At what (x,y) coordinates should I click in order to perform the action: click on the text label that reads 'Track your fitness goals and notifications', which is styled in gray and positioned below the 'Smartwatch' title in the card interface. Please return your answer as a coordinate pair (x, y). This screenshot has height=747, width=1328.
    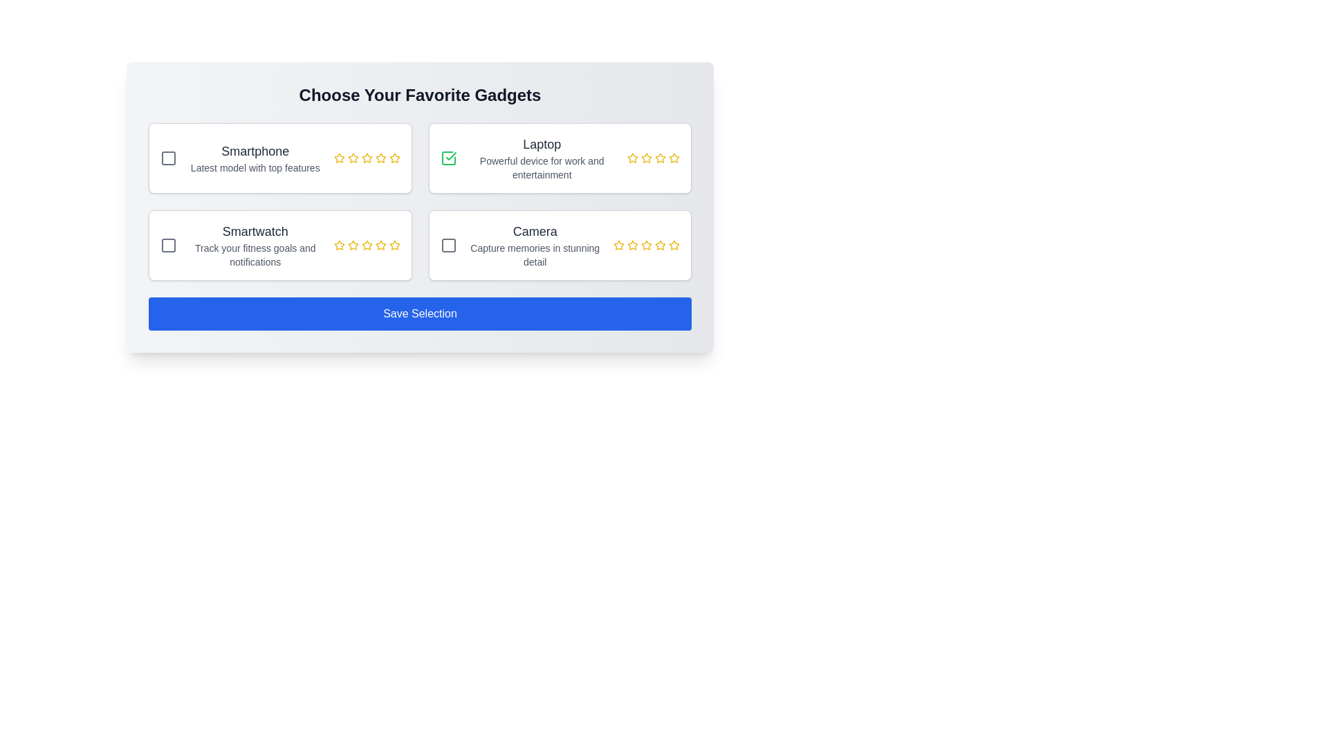
    Looking at the image, I should click on (255, 255).